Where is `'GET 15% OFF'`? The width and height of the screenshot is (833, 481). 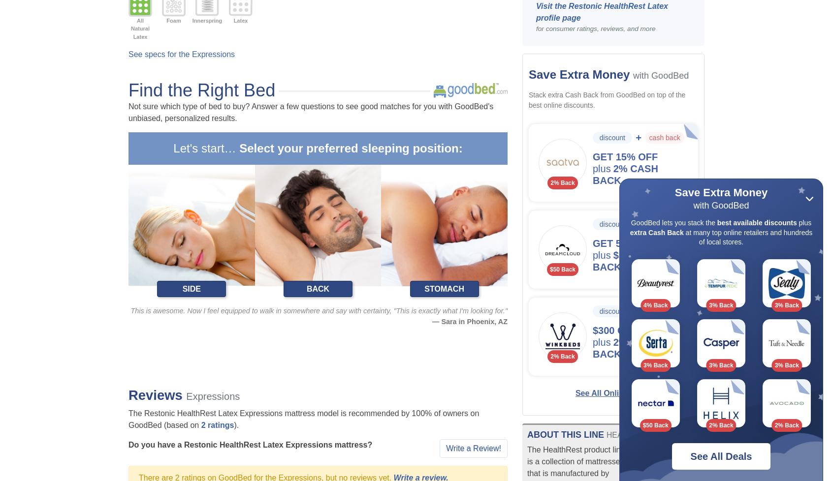
'GET 15% OFF' is located at coordinates (625, 156).